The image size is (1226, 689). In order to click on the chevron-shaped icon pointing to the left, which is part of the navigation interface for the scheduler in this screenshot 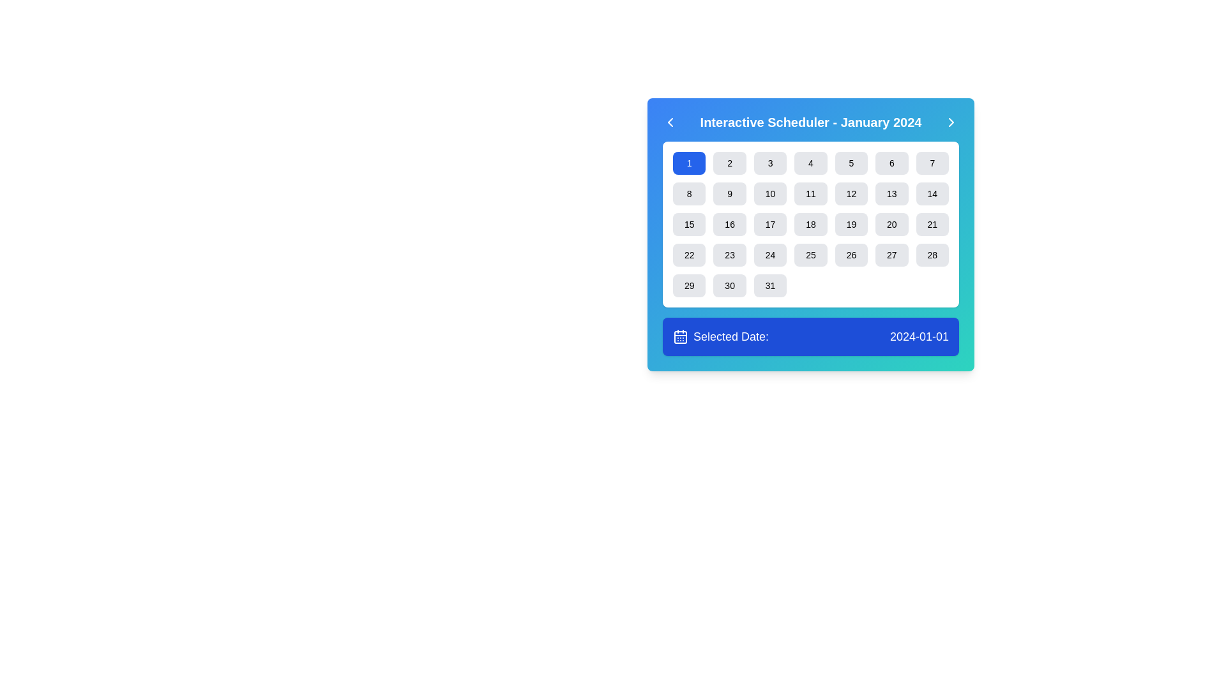, I will do `click(670, 122)`.